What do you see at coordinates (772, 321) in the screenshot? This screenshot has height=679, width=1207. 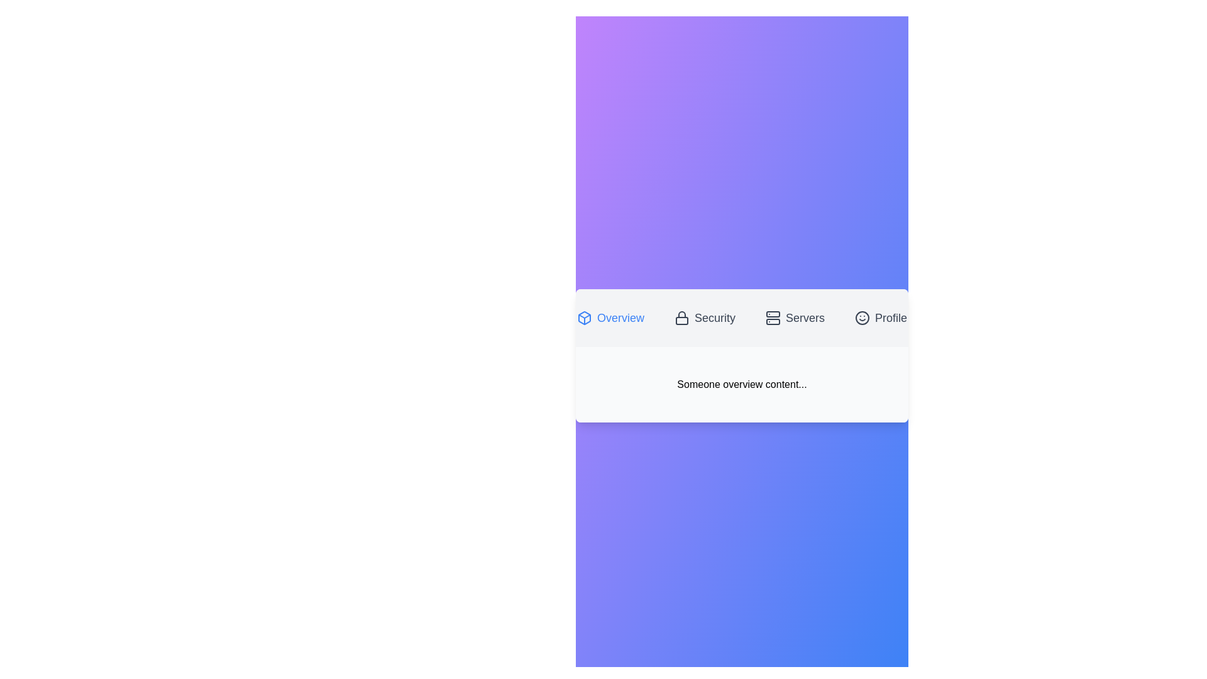 I see `the second rectangular element in the stacked server icon located in the navigation bar, positioned below the first rectangle` at bounding box center [772, 321].